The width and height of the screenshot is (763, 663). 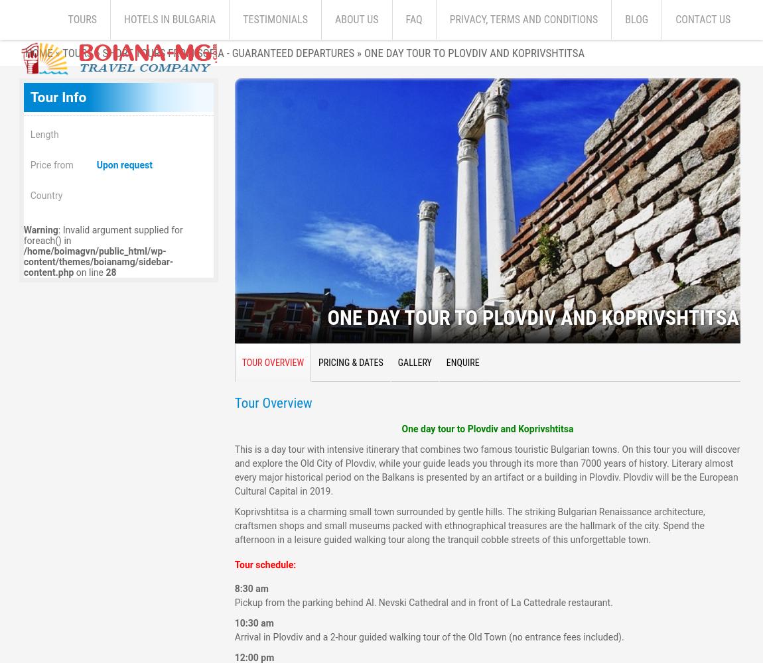 What do you see at coordinates (39, 229) in the screenshot?
I see `'Warning'` at bounding box center [39, 229].